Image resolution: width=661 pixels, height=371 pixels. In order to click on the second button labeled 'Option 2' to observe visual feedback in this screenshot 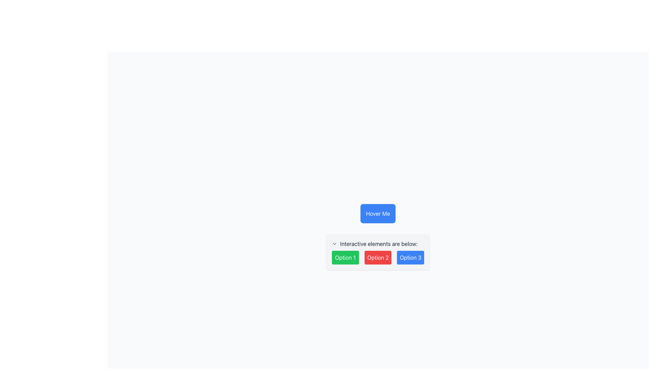, I will do `click(378, 257)`.